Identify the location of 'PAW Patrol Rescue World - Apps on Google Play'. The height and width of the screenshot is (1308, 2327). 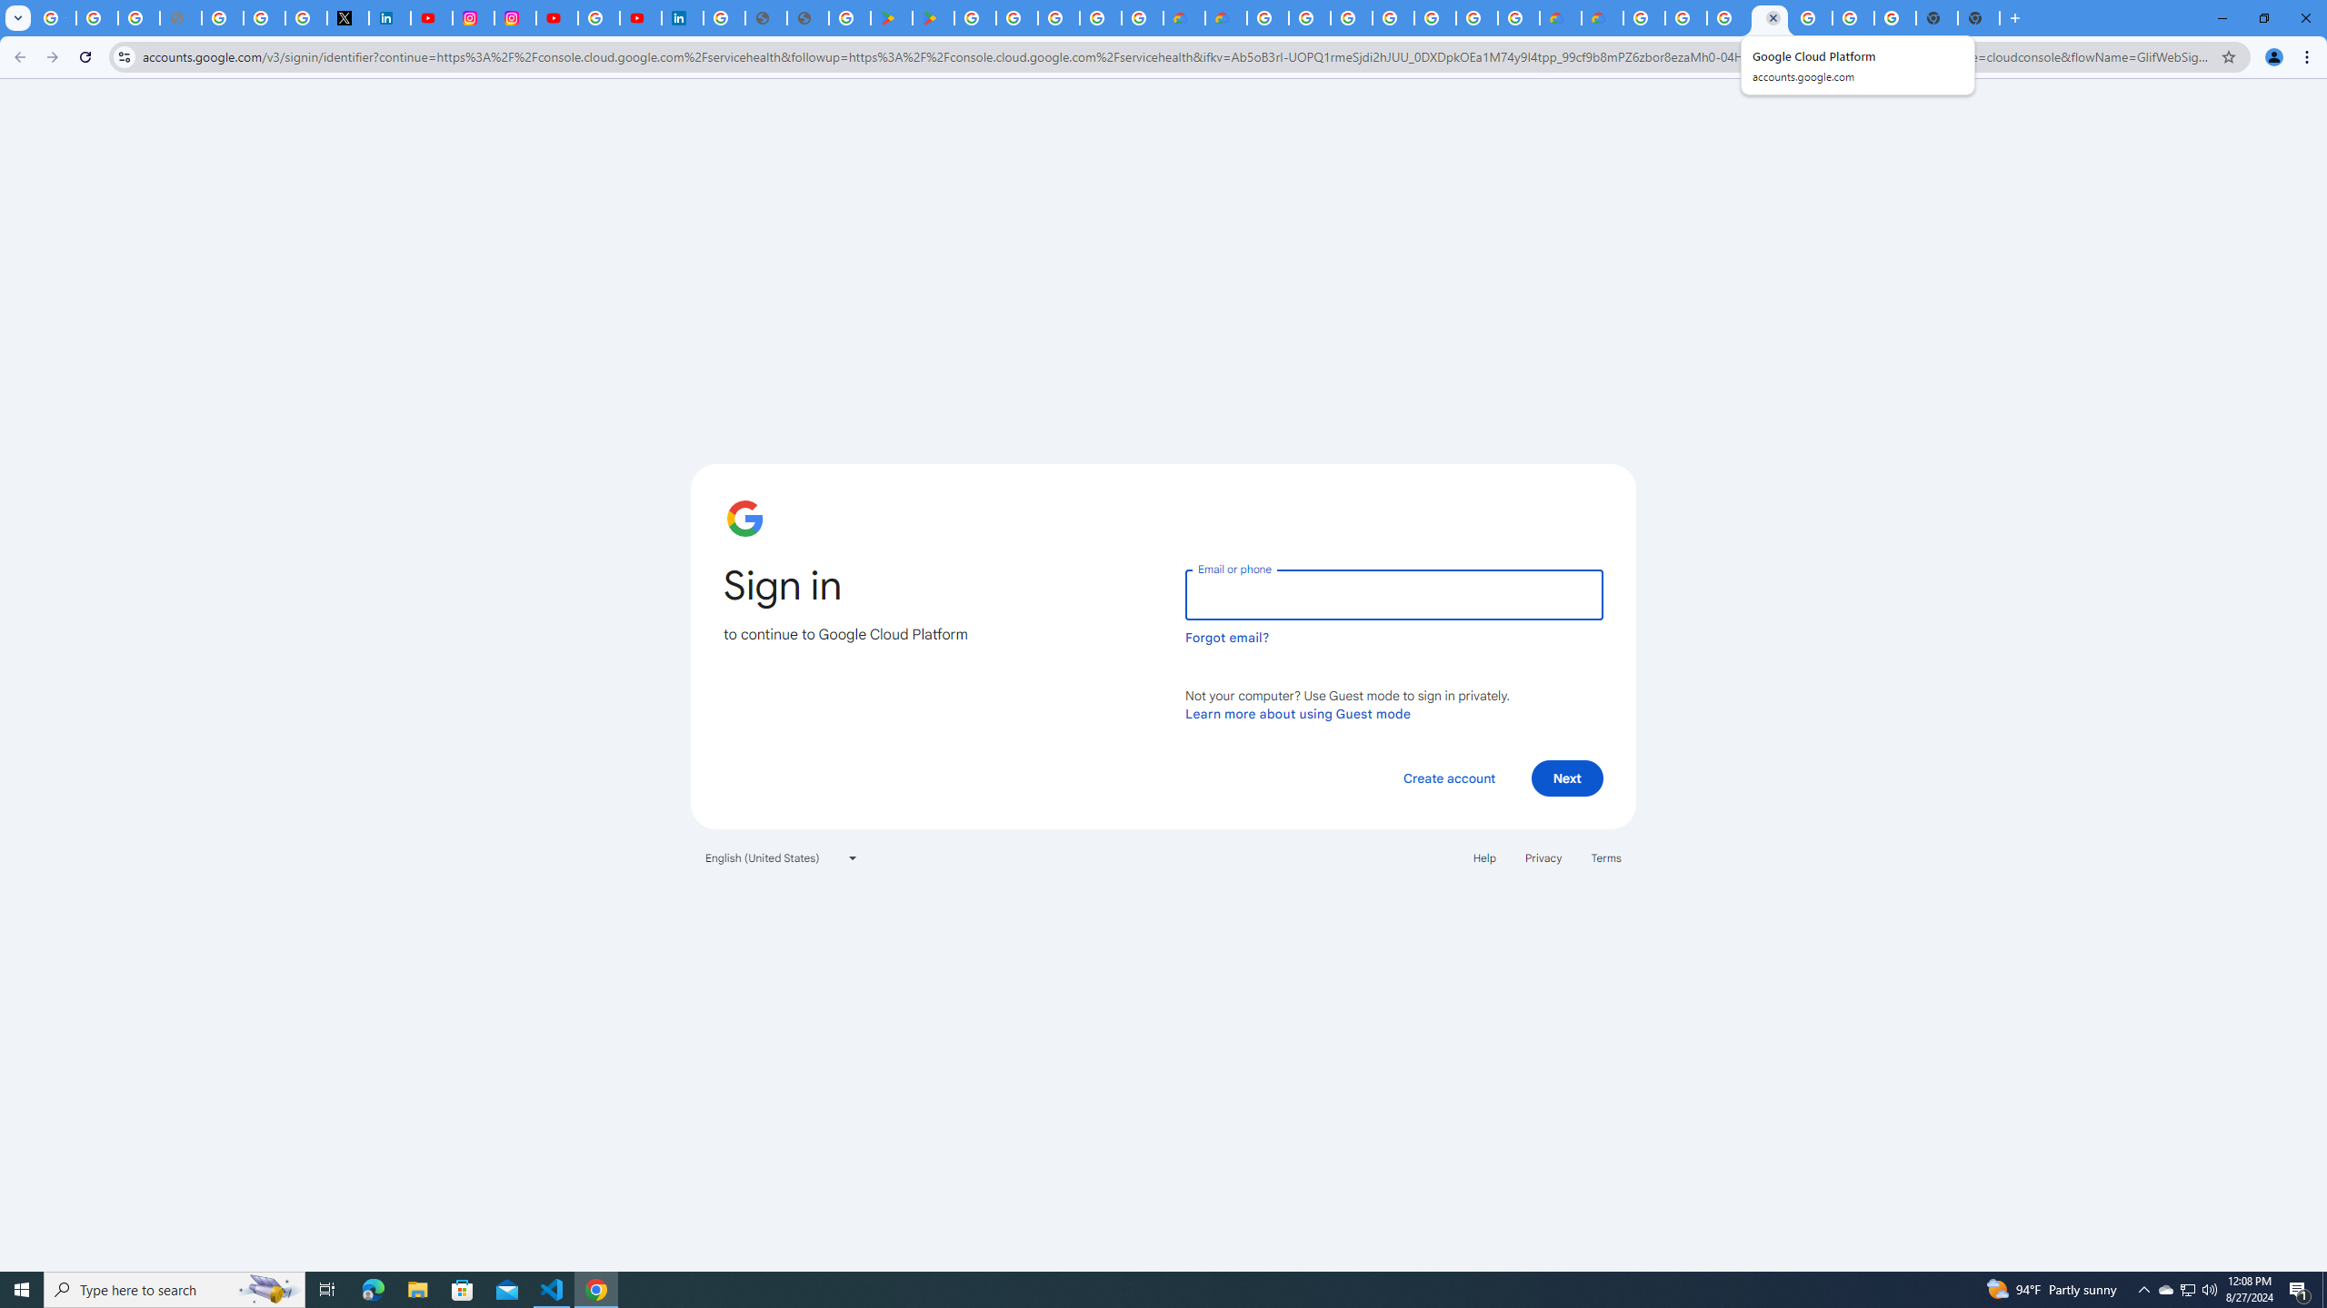
(934, 17).